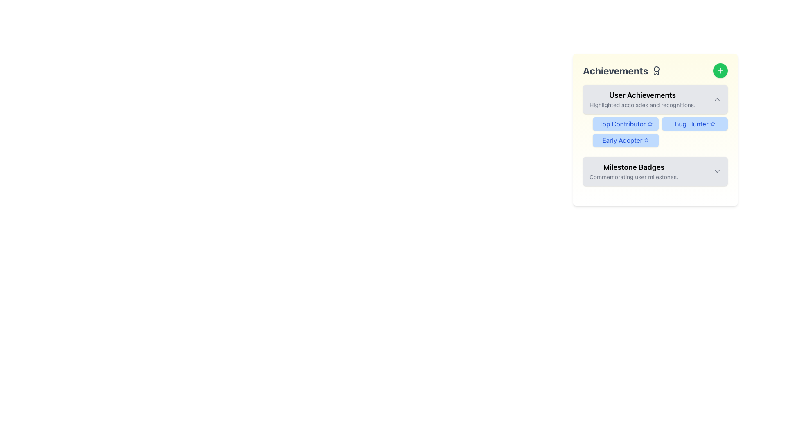 The height and width of the screenshot is (442, 786). Describe the element at coordinates (656, 69) in the screenshot. I see `the circular SVG element that is part of the badge icon next to the 'Achievements' header text` at that location.